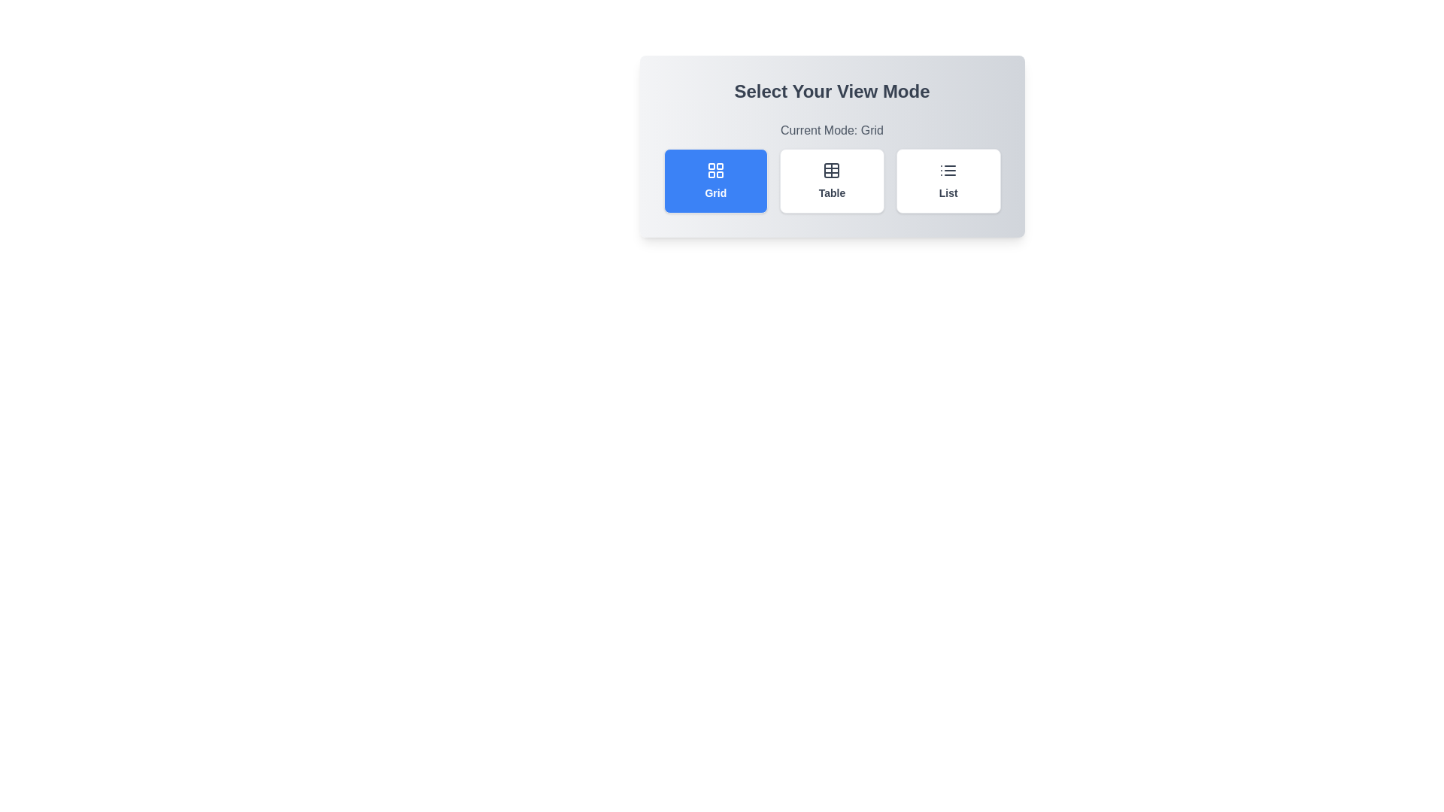 The height and width of the screenshot is (812, 1444). Describe the element at coordinates (714, 180) in the screenshot. I see `the 'Grid' view mode button, which is the first button in a horizontal group of three` at that location.